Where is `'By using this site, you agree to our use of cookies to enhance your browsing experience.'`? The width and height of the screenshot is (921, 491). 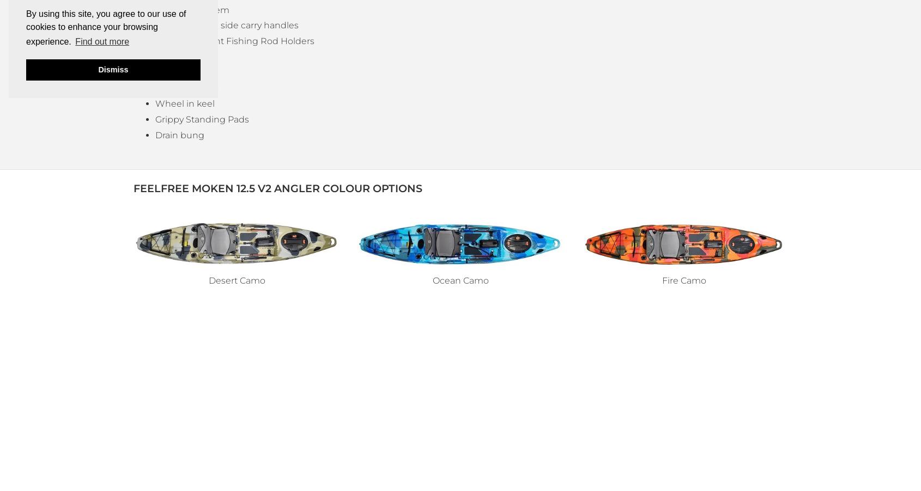
'By using this site, you agree to our use of cookies to enhance your browsing experience.' is located at coordinates (25, 27).